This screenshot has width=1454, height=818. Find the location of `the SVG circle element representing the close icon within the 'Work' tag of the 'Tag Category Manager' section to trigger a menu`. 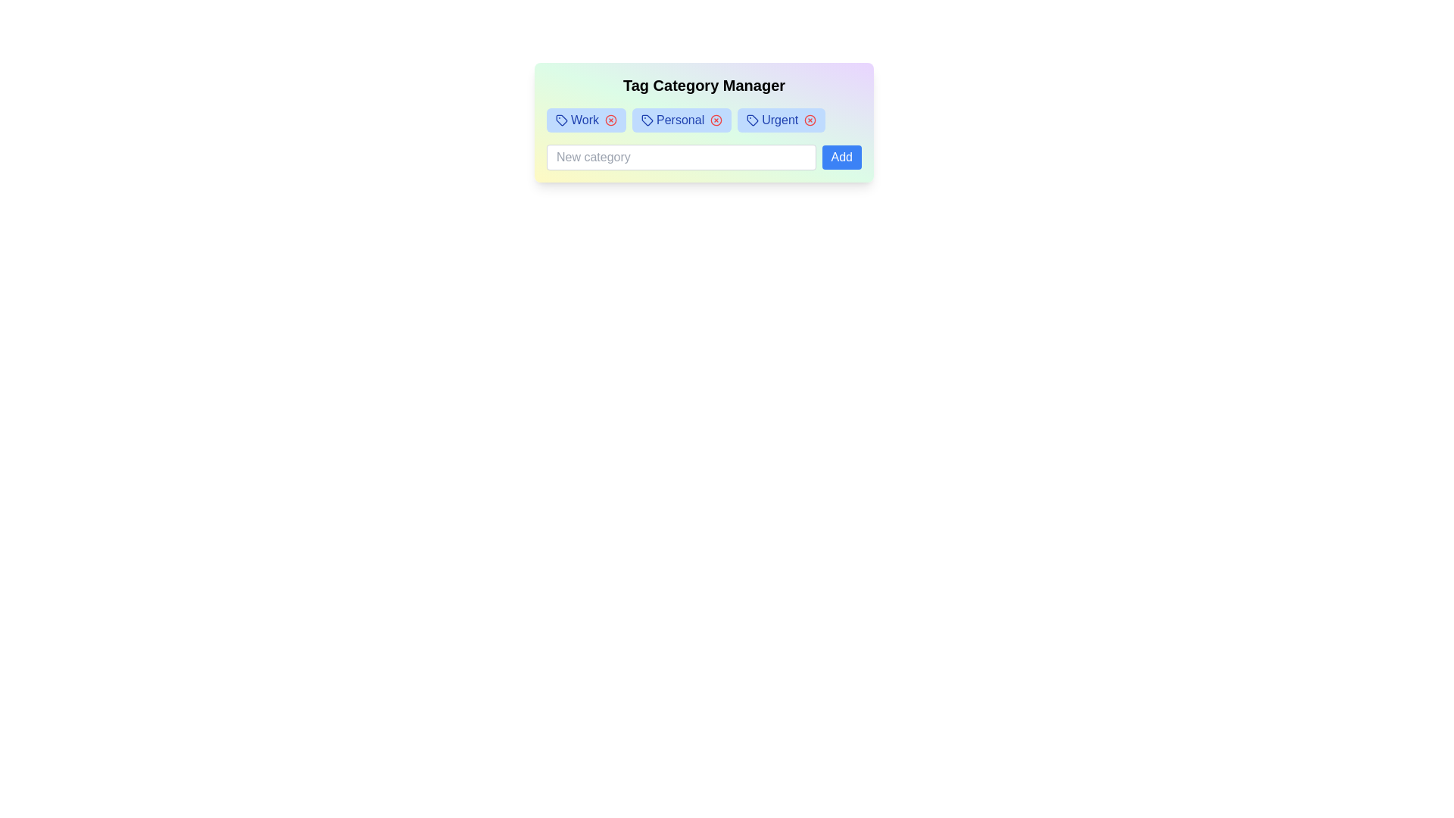

the SVG circle element representing the close icon within the 'Work' tag of the 'Tag Category Manager' section to trigger a menu is located at coordinates (610, 119).